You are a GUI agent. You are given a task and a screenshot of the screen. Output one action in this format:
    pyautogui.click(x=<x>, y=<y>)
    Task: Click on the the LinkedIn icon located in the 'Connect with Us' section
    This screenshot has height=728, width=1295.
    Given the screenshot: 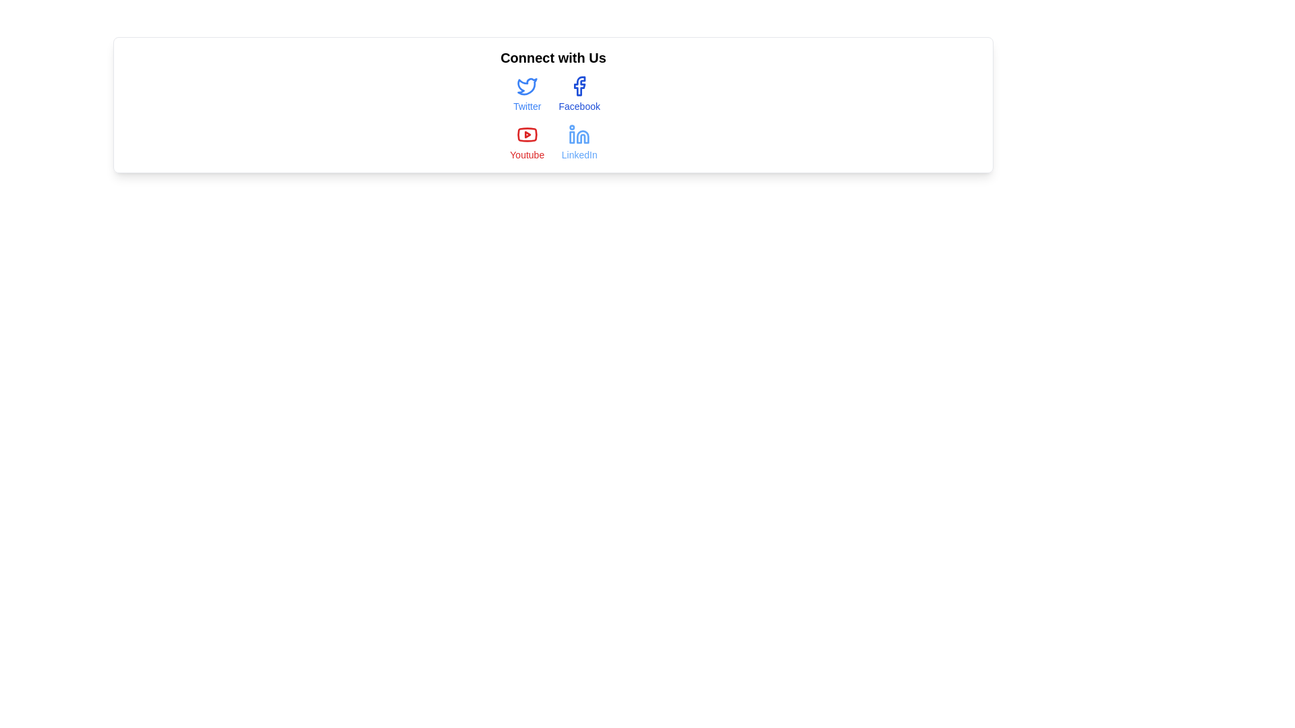 What is the action you would take?
    pyautogui.click(x=579, y=135)
    